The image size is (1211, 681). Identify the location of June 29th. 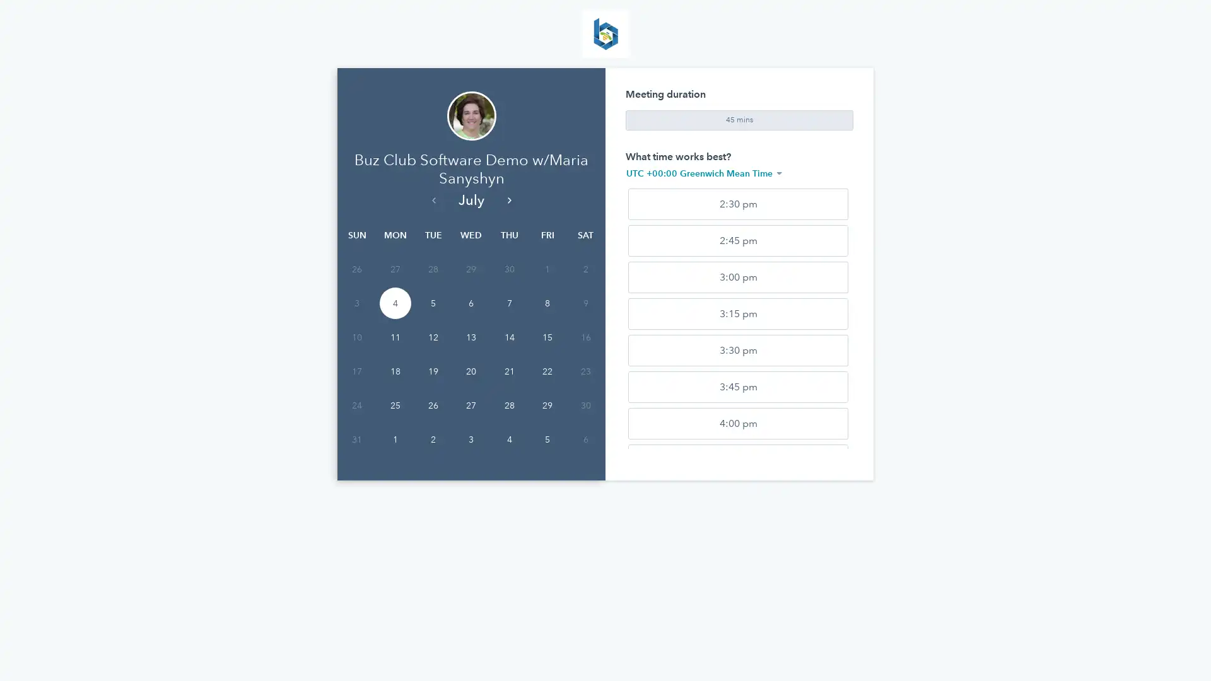
(471, 269).